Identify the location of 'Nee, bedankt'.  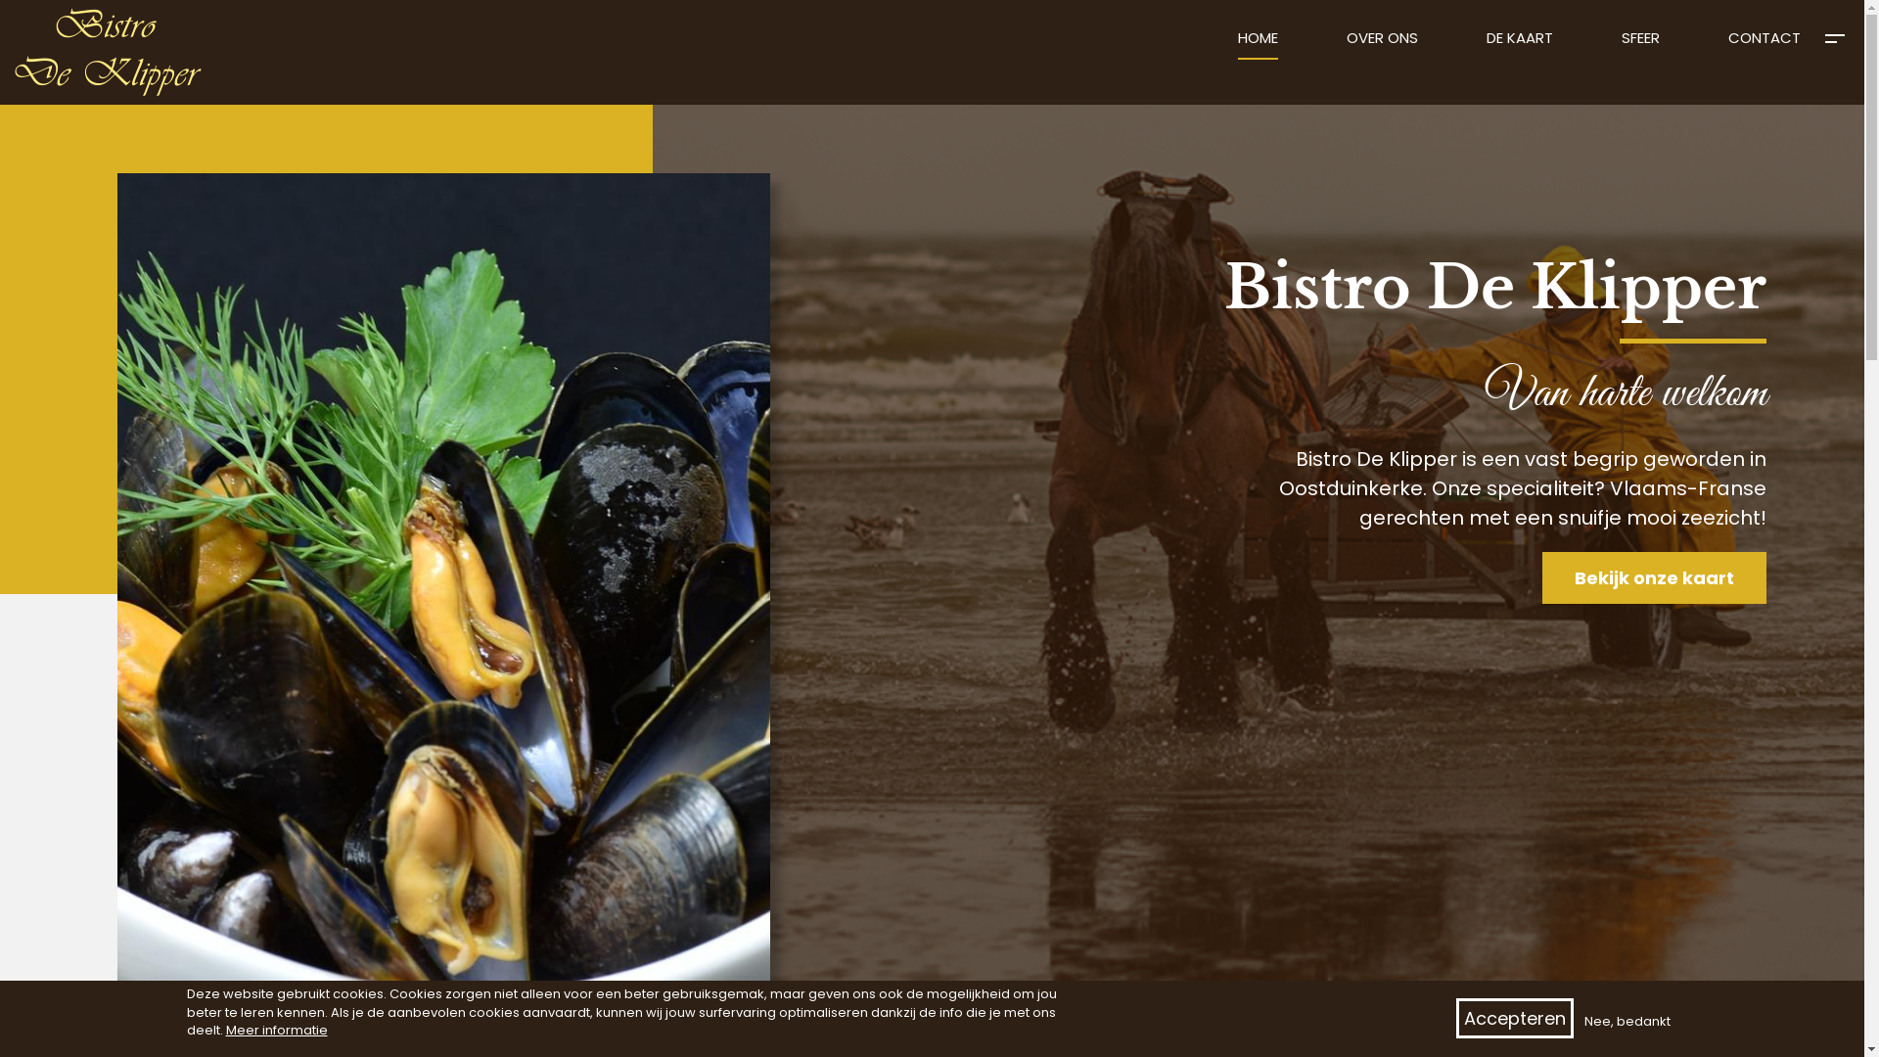
(1626, 1021).